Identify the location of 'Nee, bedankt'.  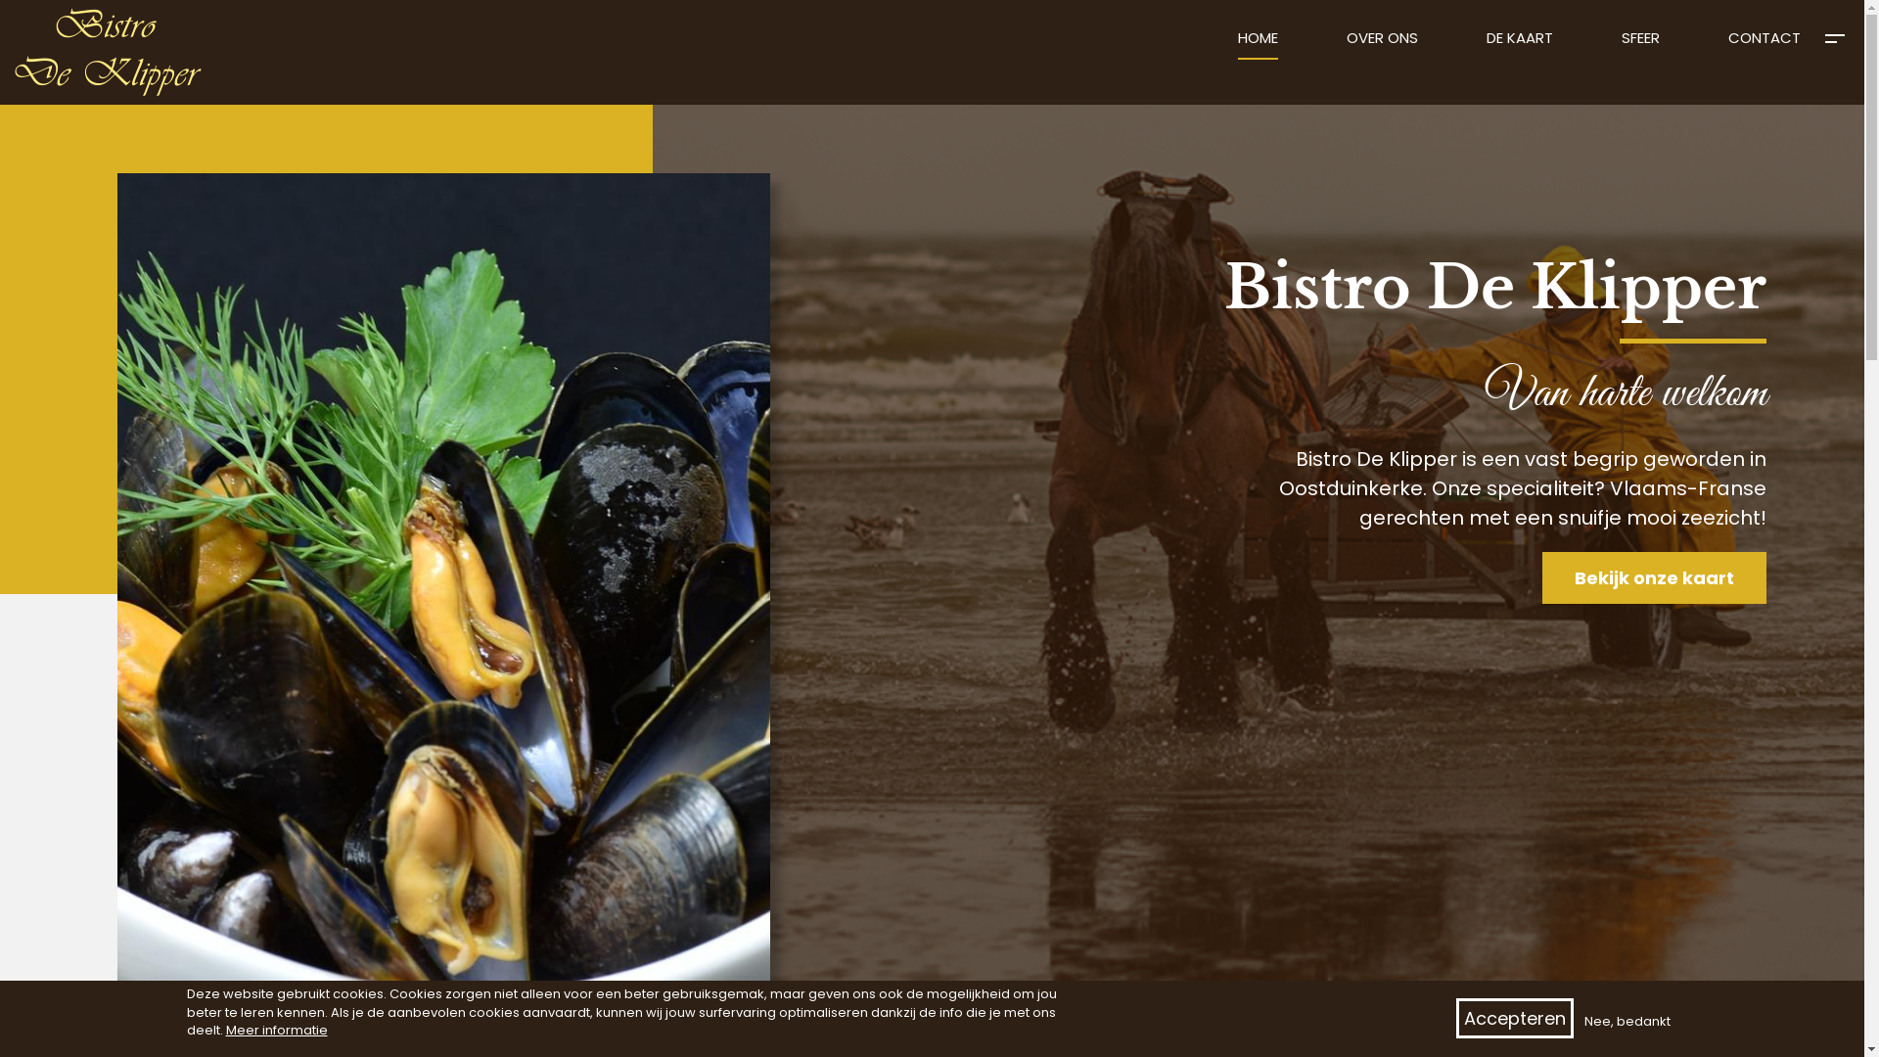
(1626, 1021).